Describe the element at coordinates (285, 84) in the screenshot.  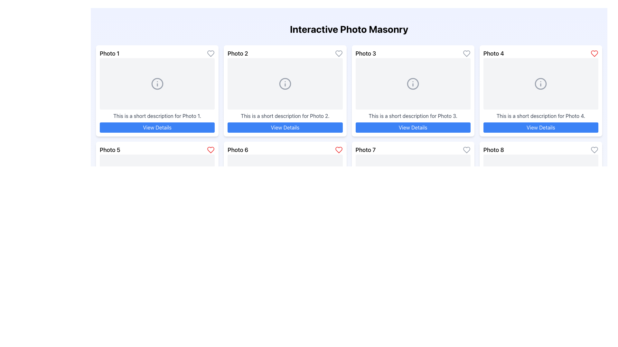
I see `the information icon within the 'Photo 2' card` at that location.